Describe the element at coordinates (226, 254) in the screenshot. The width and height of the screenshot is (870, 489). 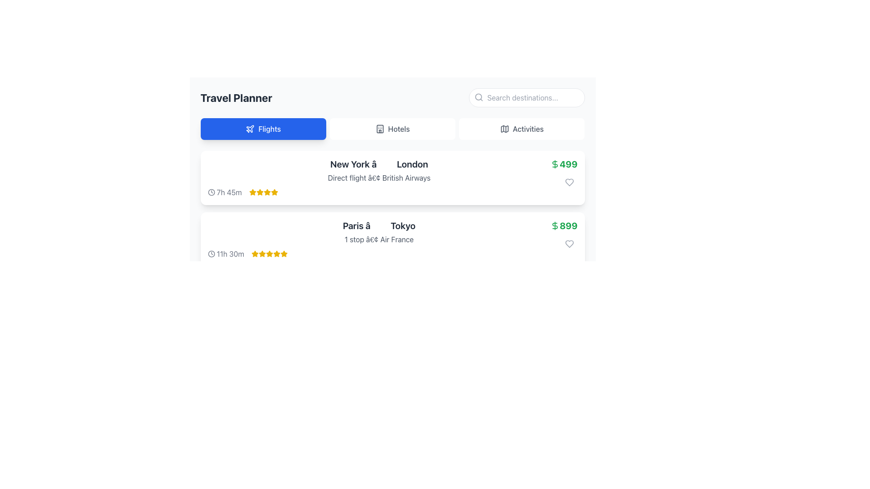
I see `duration displayed in the Text with icon component, which is located in the second row of flight options, positioned to the left of the star rating` at that location.